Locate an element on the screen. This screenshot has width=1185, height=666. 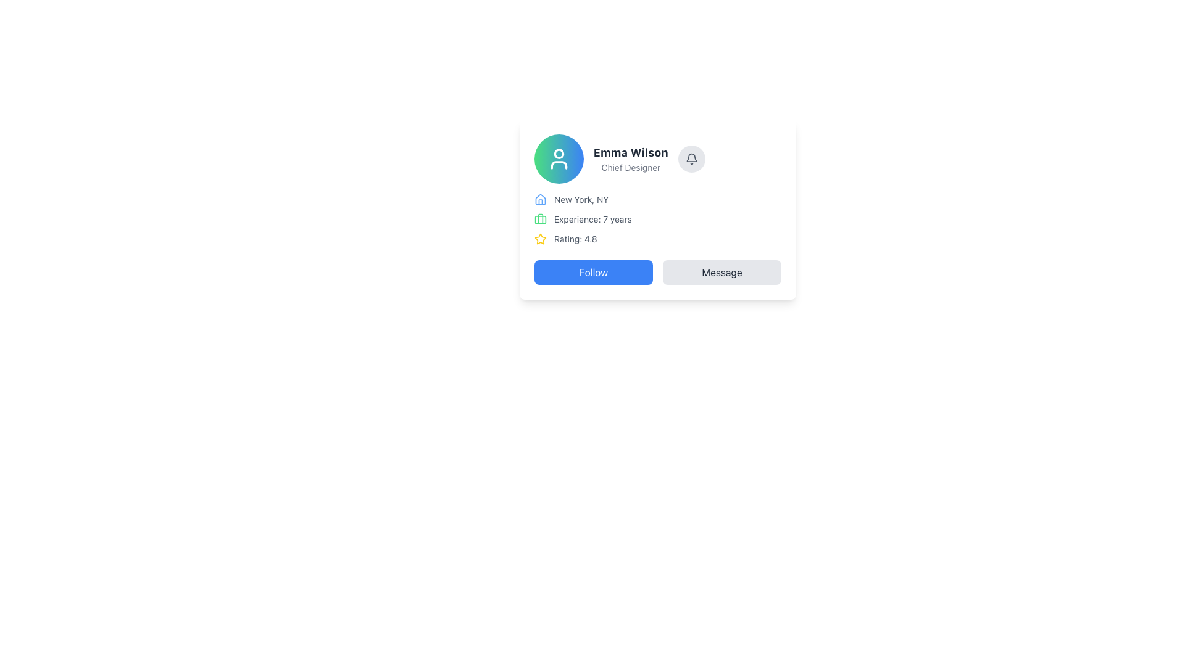
the Graphic Circle that represents a part of the user avatar, indicating user status or decorative graphic within the profile card is located at coordinates (559, 153).